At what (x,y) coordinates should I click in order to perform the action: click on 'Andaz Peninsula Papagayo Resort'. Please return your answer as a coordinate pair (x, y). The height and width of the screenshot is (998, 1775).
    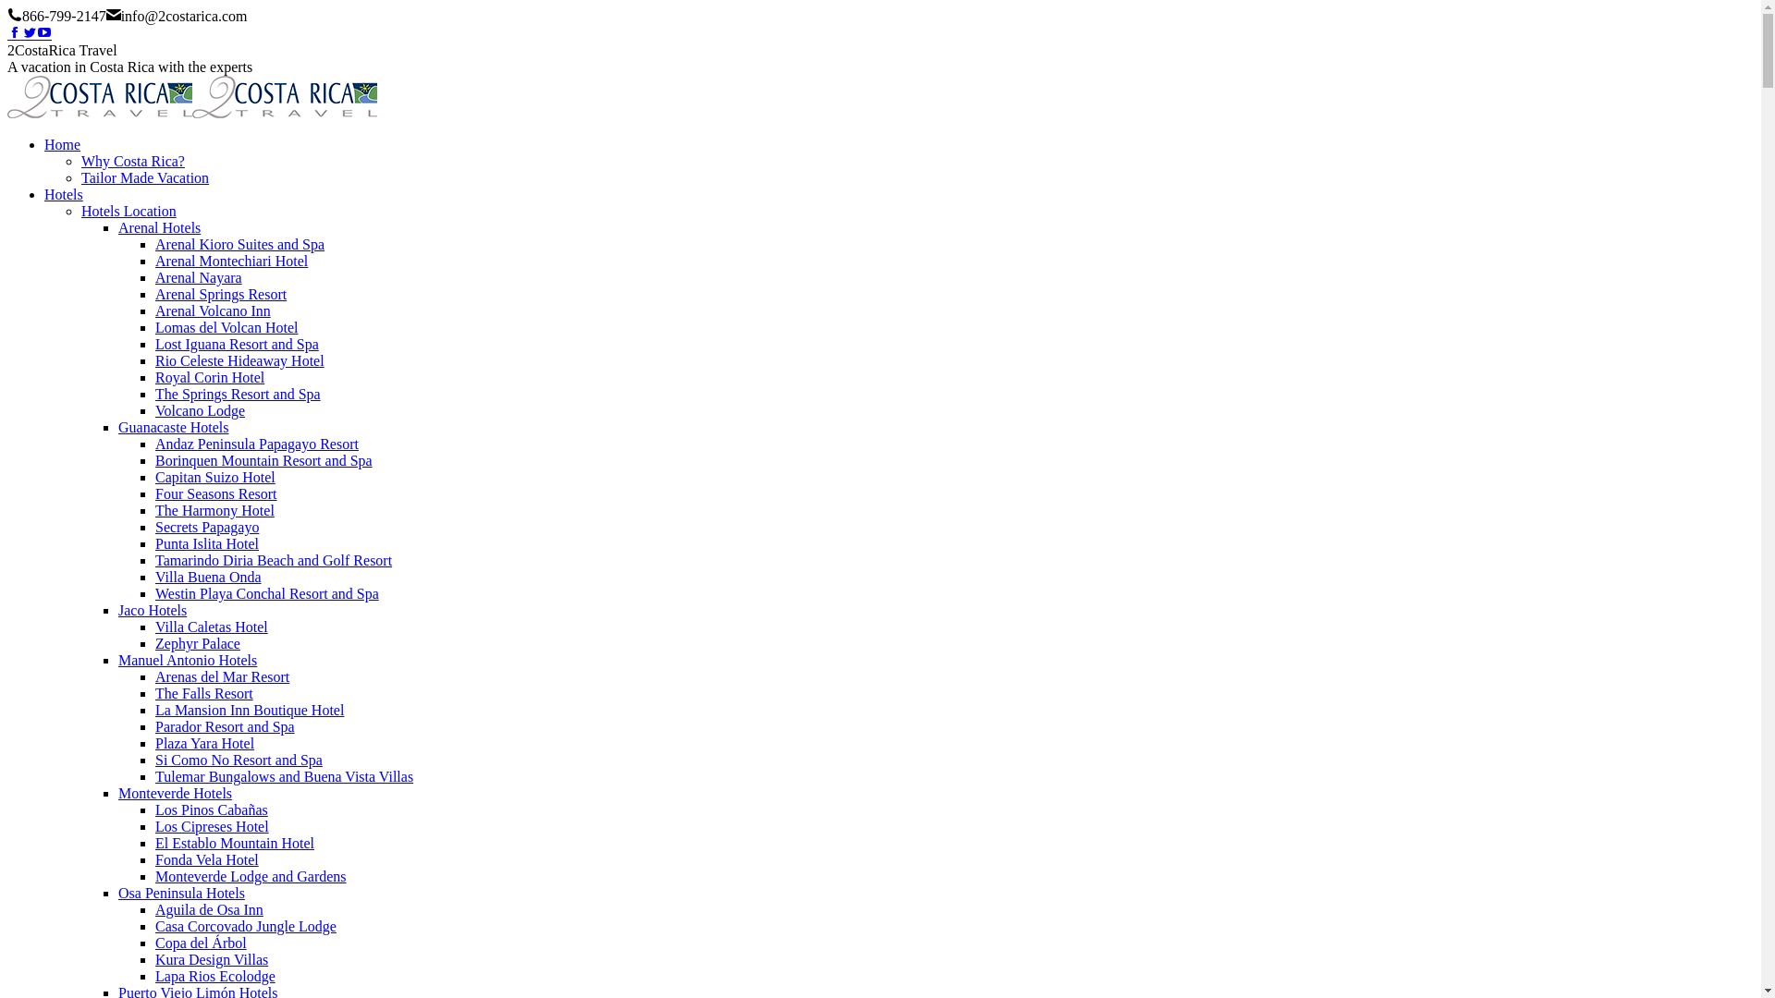
    Looking at the image, I should click on (256, 444).